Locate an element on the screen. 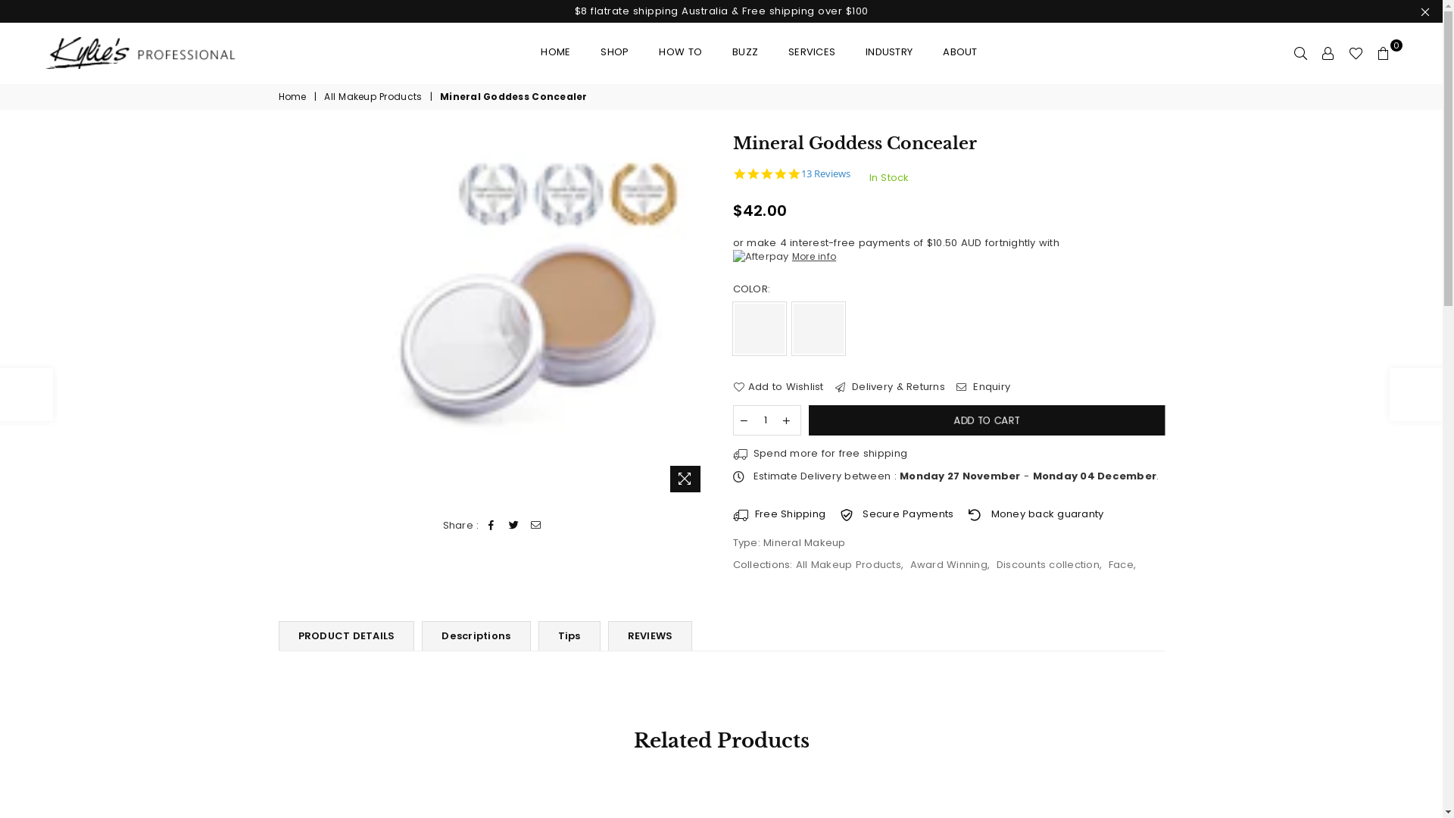 This screenshot has width=1454, height=818. 'Wishlist' is located at coordinates (1356, 52).